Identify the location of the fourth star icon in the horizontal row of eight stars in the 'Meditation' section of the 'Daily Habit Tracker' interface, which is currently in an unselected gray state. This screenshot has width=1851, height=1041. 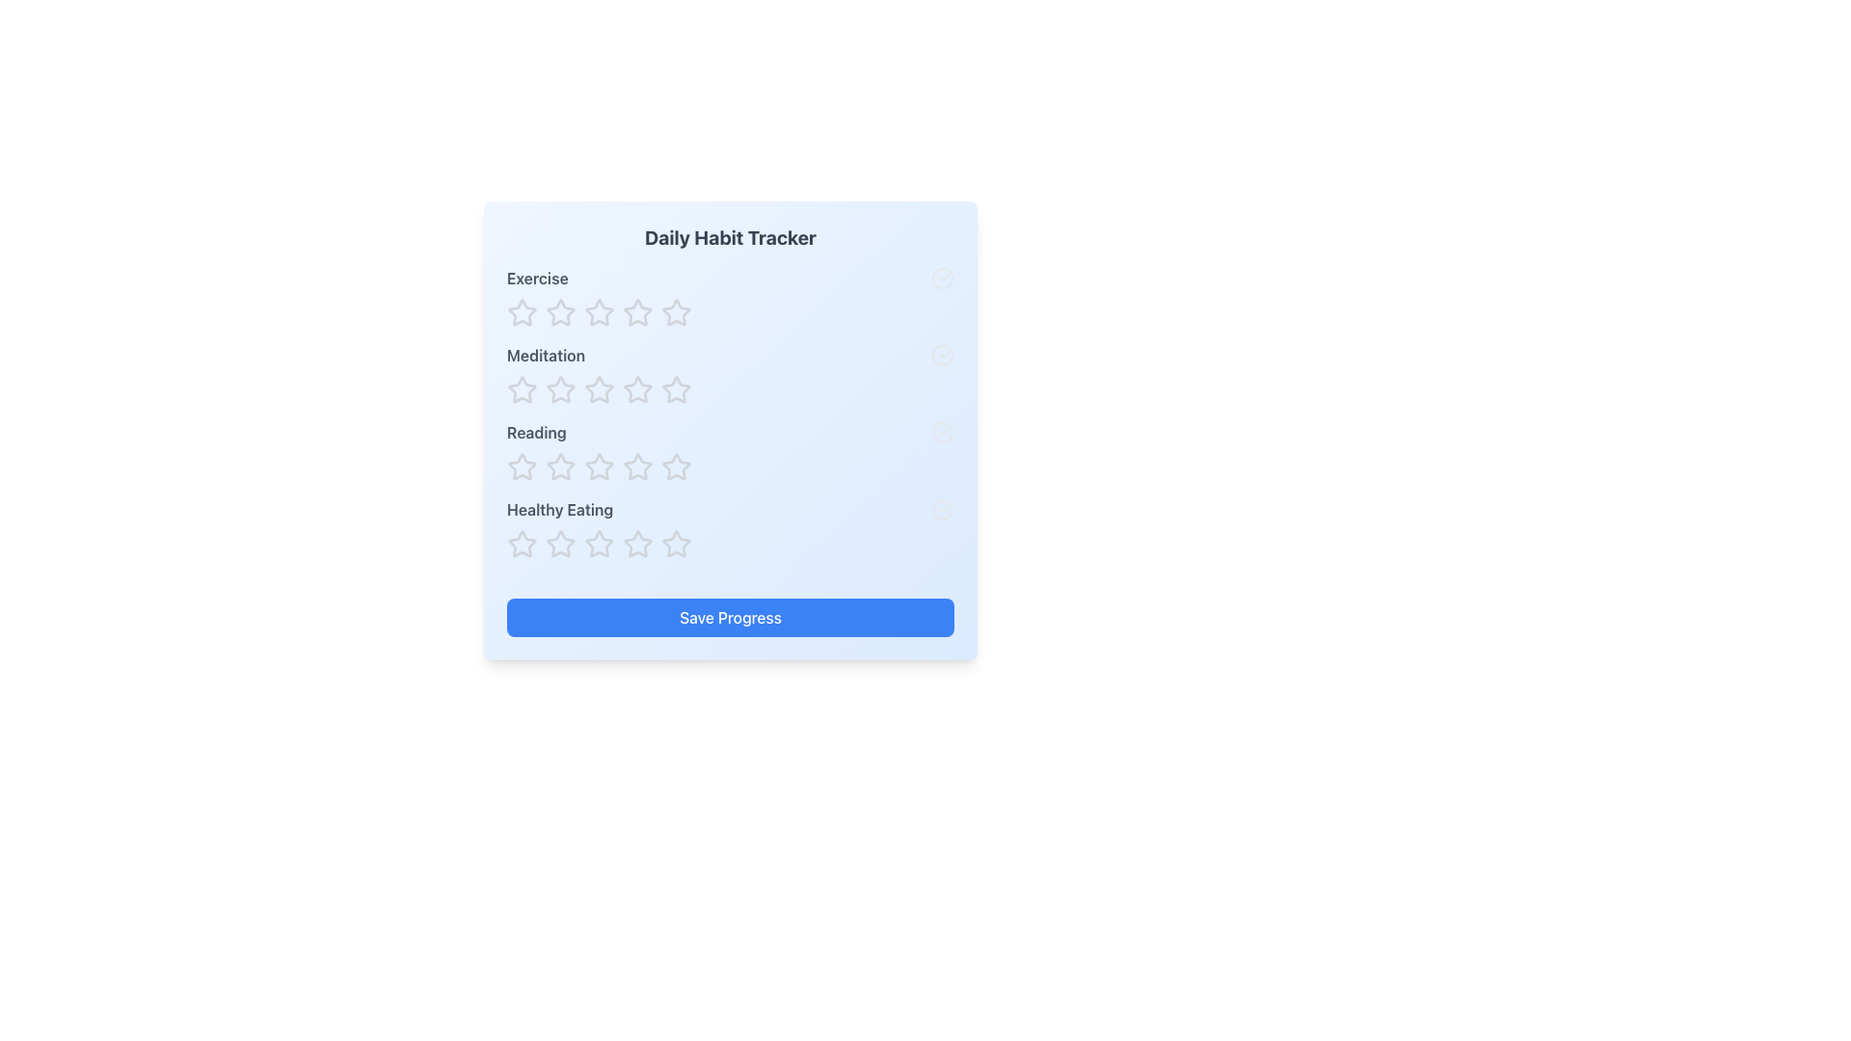
(599, 390).